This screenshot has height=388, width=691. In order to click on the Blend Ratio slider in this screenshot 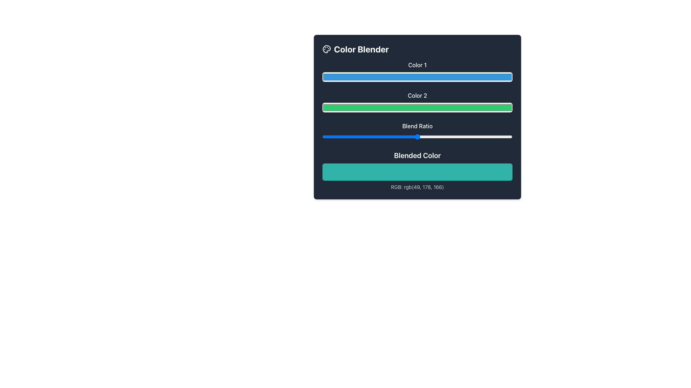, I will do `click(375, 137)`.